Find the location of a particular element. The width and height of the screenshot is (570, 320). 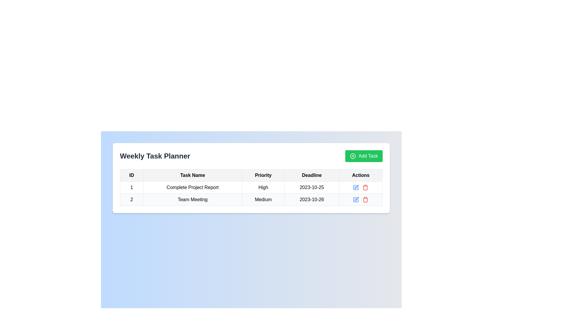

the 'ID' column header cell in the table, which is located in the first column of the header row, to the immediate left of the 'Task Name' header is located at coordinates (131, 175).